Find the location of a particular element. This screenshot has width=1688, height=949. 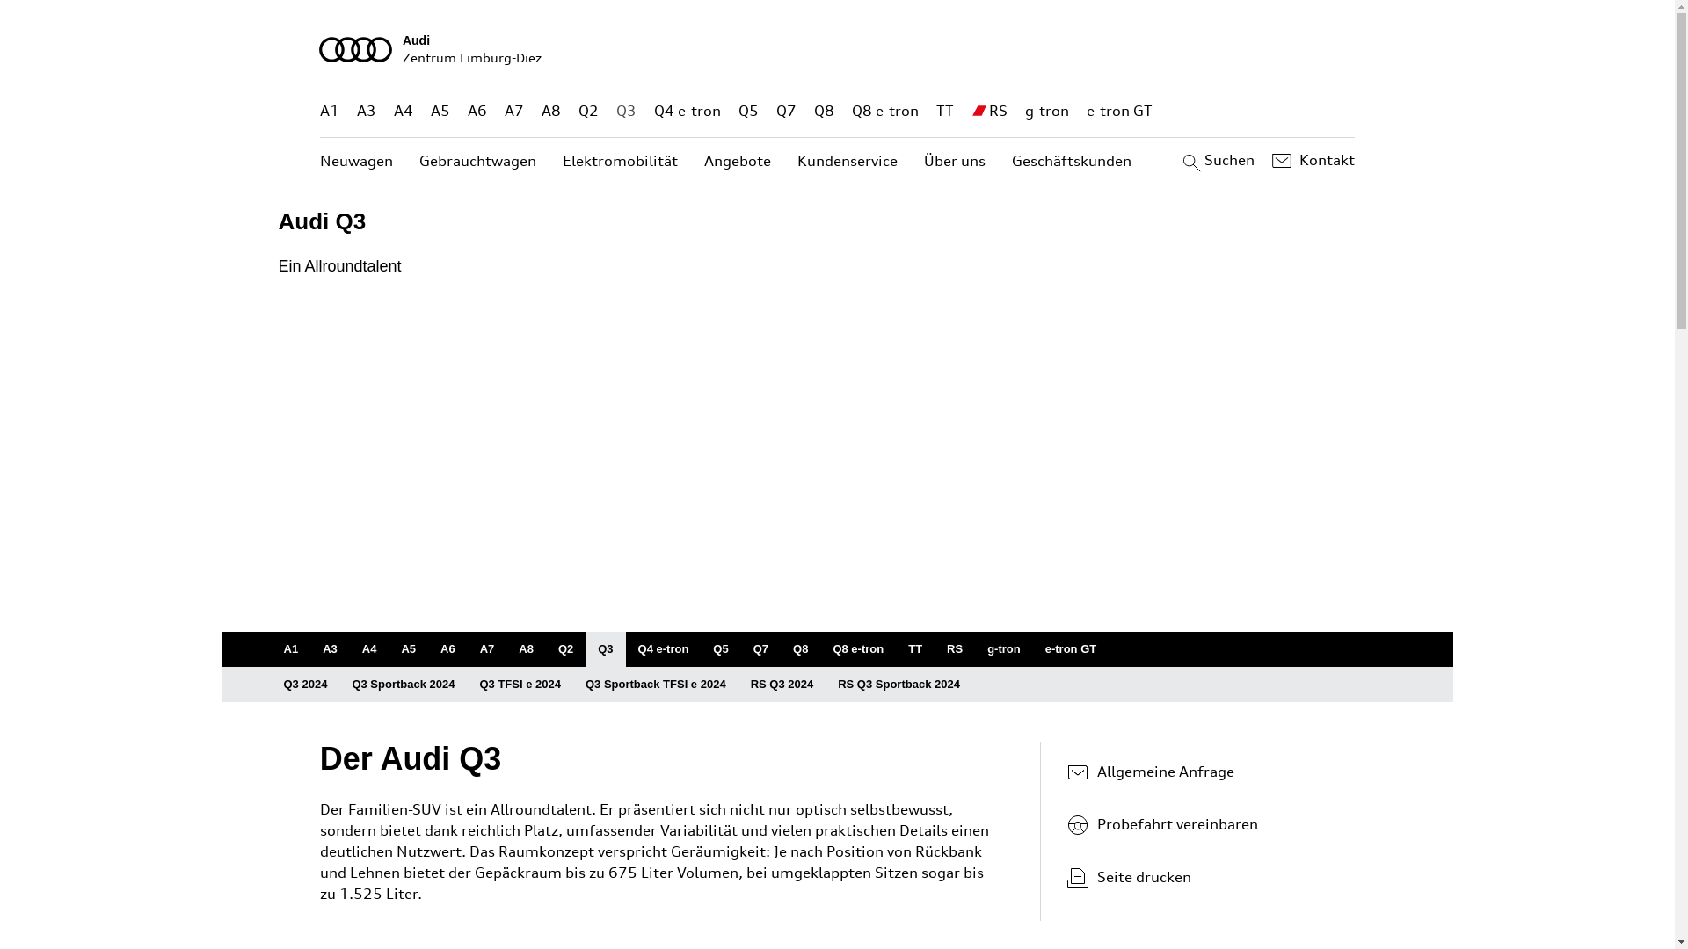

'Q5' is located at coordinates (720, 649).